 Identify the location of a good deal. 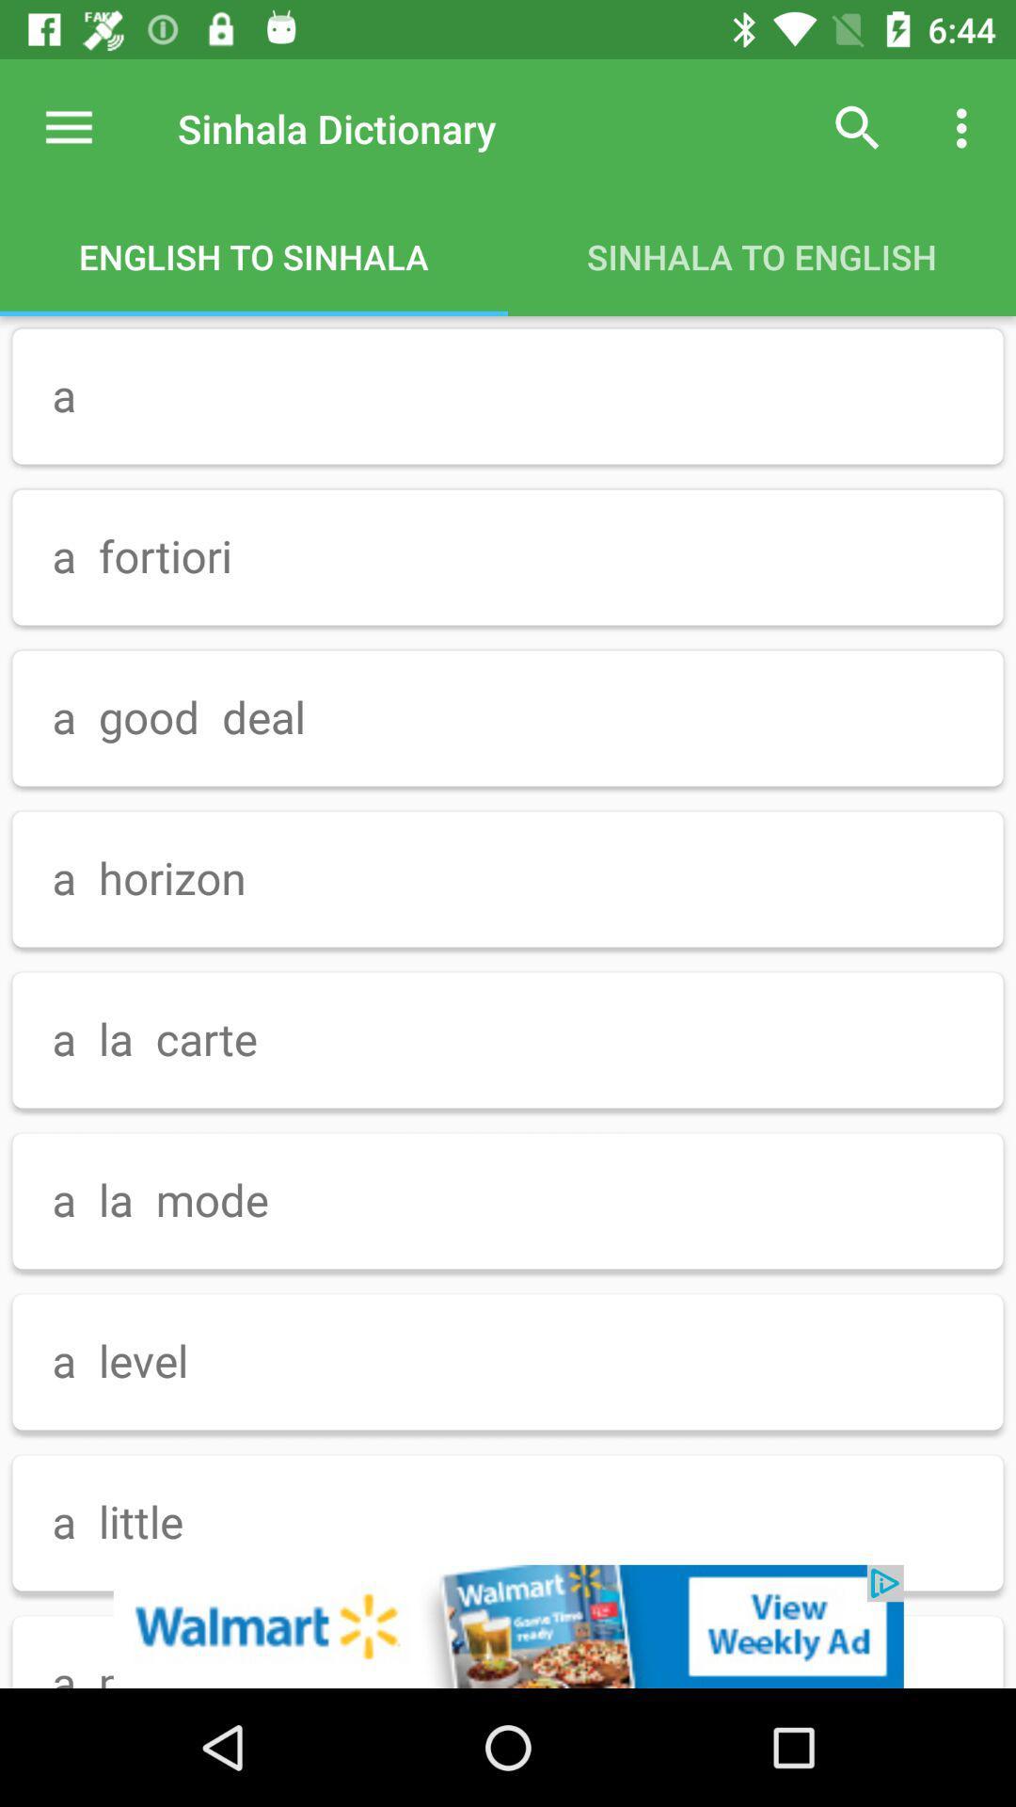
(508, 717).